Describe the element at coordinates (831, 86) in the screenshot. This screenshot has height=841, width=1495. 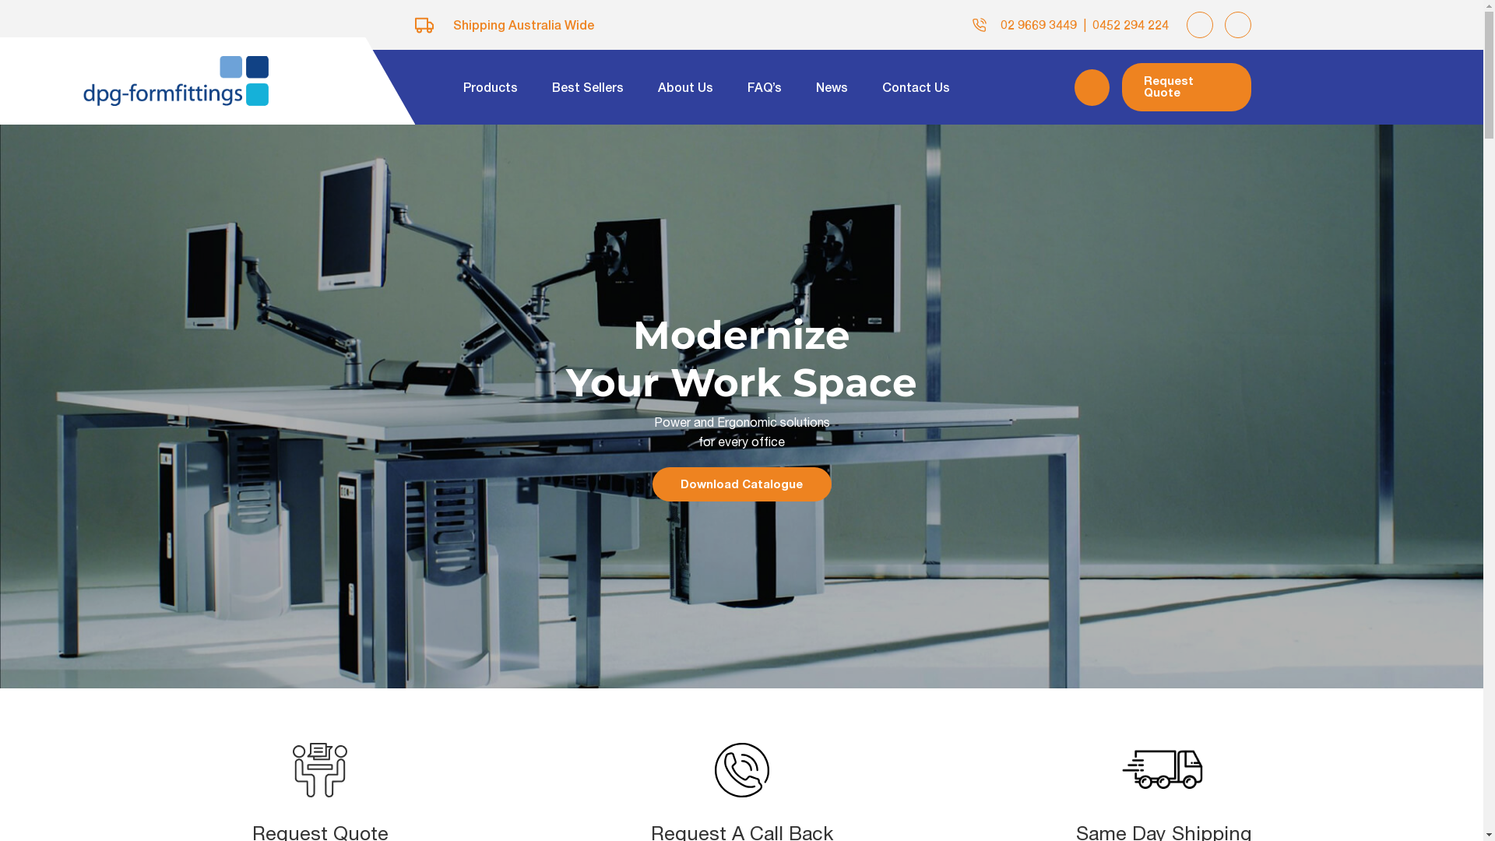
I see `'News'` at that location.